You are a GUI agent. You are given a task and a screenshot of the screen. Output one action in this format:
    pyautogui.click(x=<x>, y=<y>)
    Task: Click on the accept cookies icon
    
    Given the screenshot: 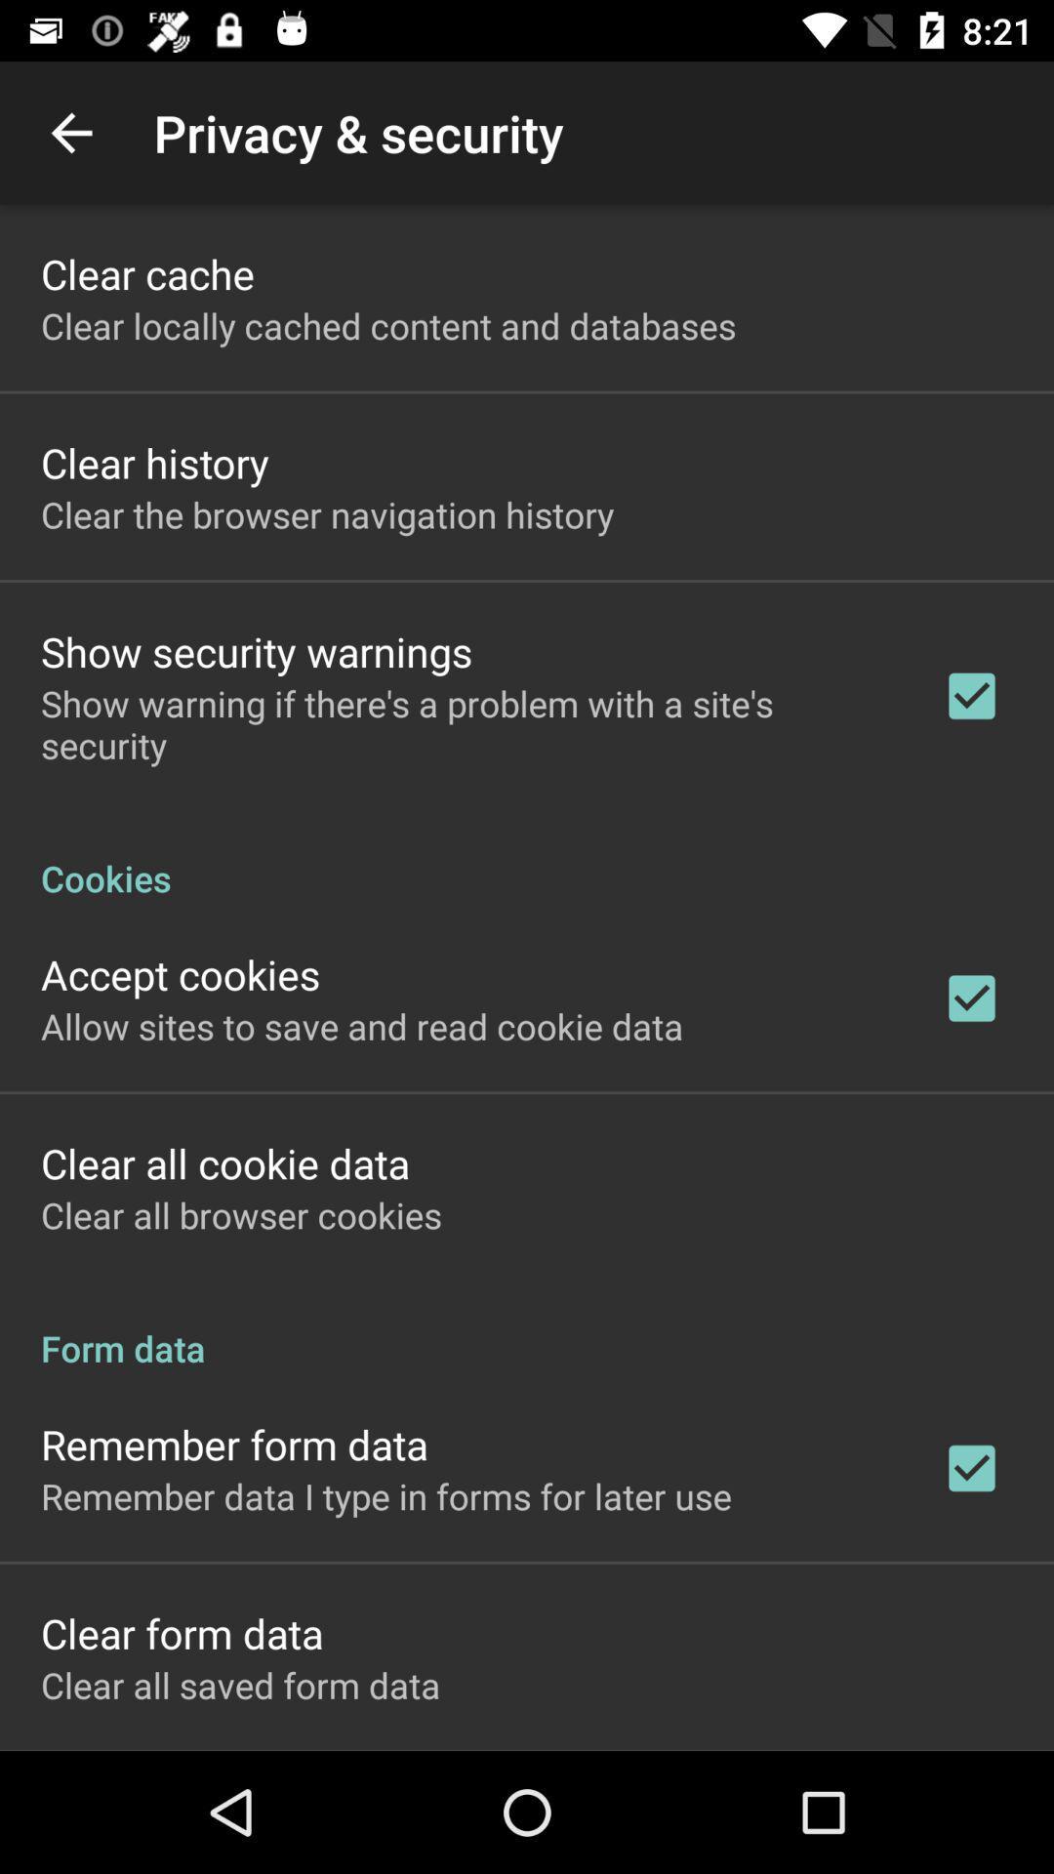 What is the action you would take?
    pyautogui.click(x=181, y=974)
    